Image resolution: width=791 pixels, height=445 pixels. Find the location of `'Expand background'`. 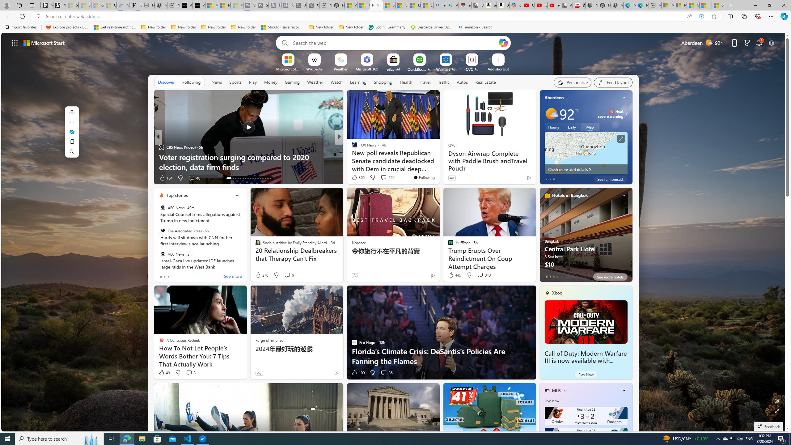

'Expand background' is located at coordinates (777, 411).